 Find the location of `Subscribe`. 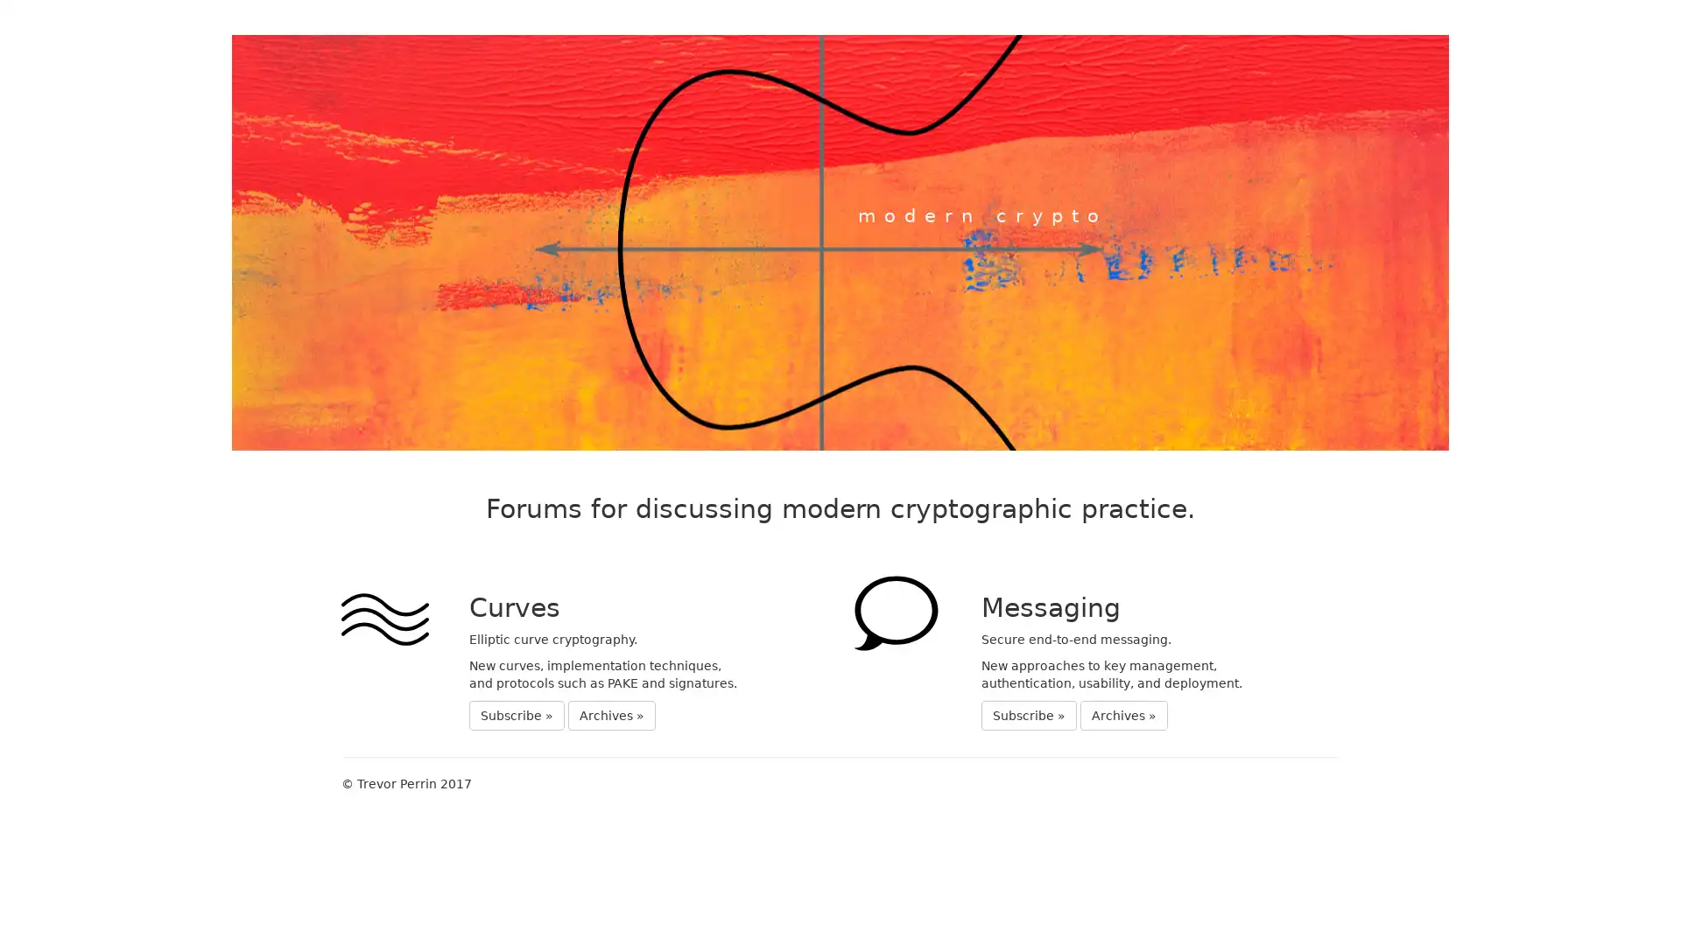

Subscribe is located at coordinates (1029, 715).